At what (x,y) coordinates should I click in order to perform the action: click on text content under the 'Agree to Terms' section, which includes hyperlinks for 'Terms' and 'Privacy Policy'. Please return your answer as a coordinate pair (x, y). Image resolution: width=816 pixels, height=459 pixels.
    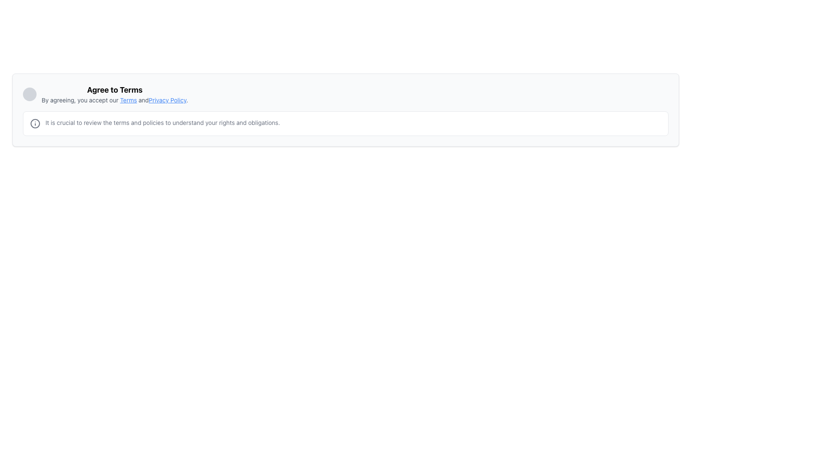
    Looking at the image, I should click on (114, 94).